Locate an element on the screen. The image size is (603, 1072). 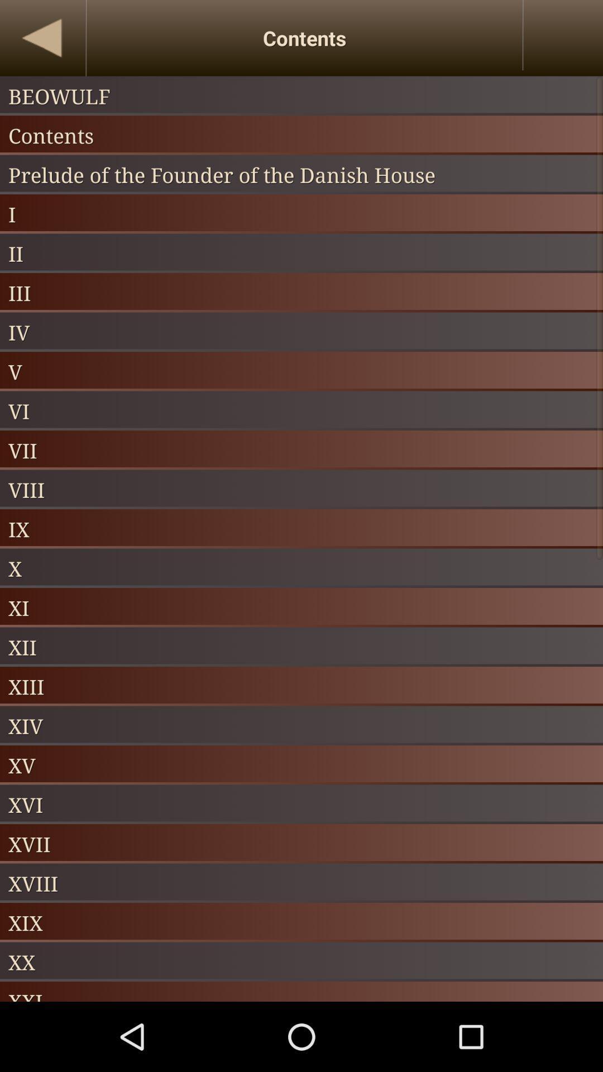
iii item is located at coordinates (301, 293).